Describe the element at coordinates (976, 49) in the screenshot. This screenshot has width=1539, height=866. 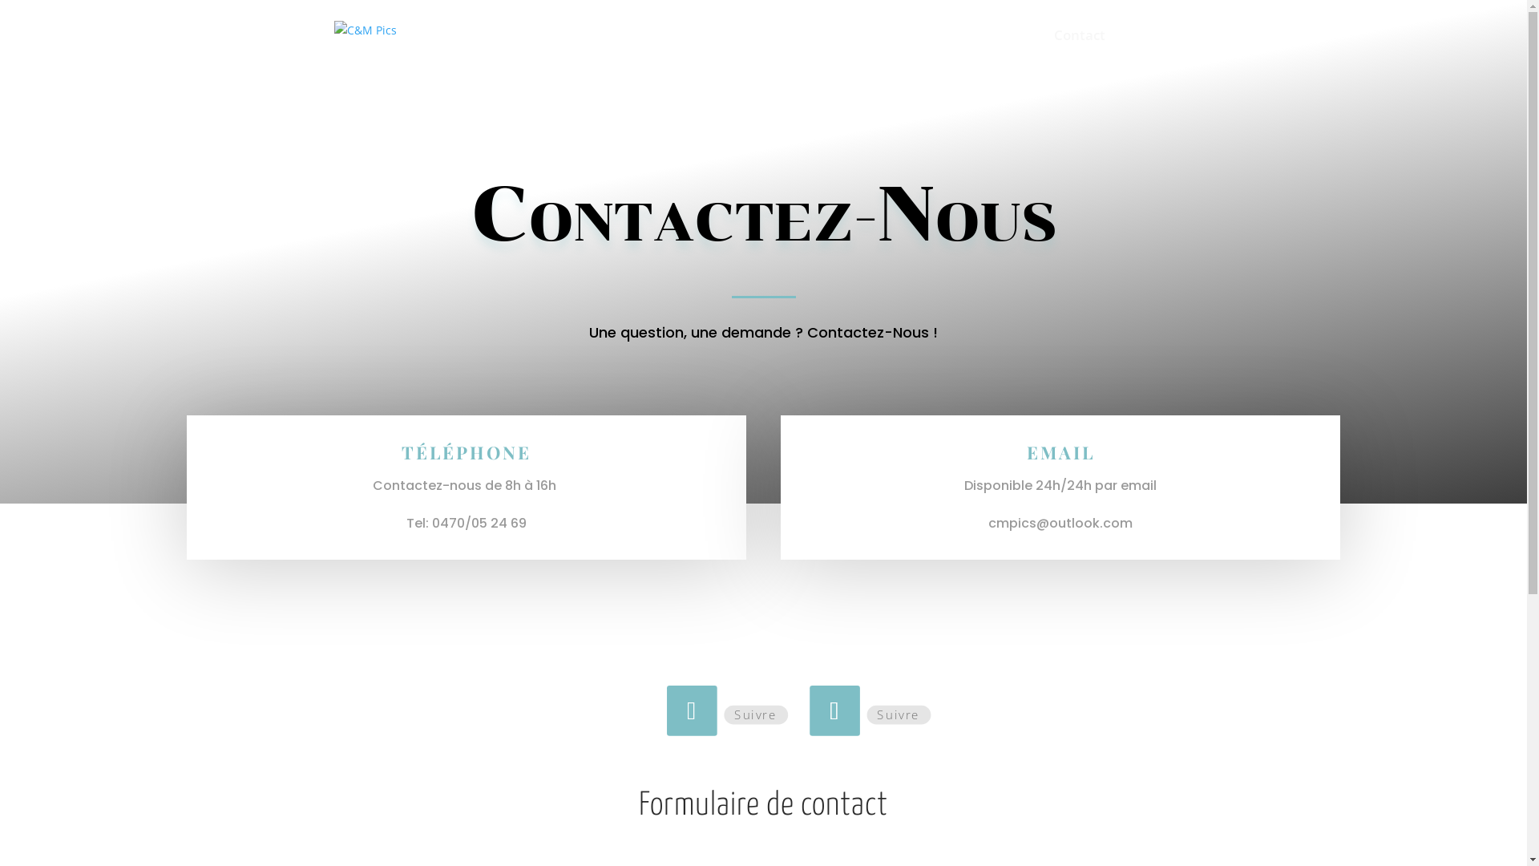
I see `'Portfolio'` at that location.